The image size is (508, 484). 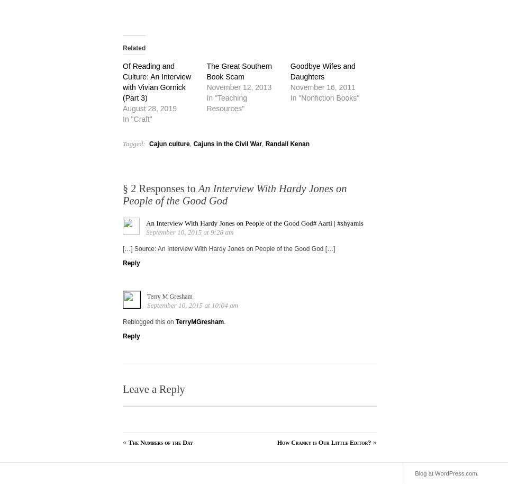 What do you see at coordinates (229, 248) in the screenshot?
I see `'[…] Source: An Interview With Hardy Jones on People of the Good God […]'` at bounding box center [229, 248].